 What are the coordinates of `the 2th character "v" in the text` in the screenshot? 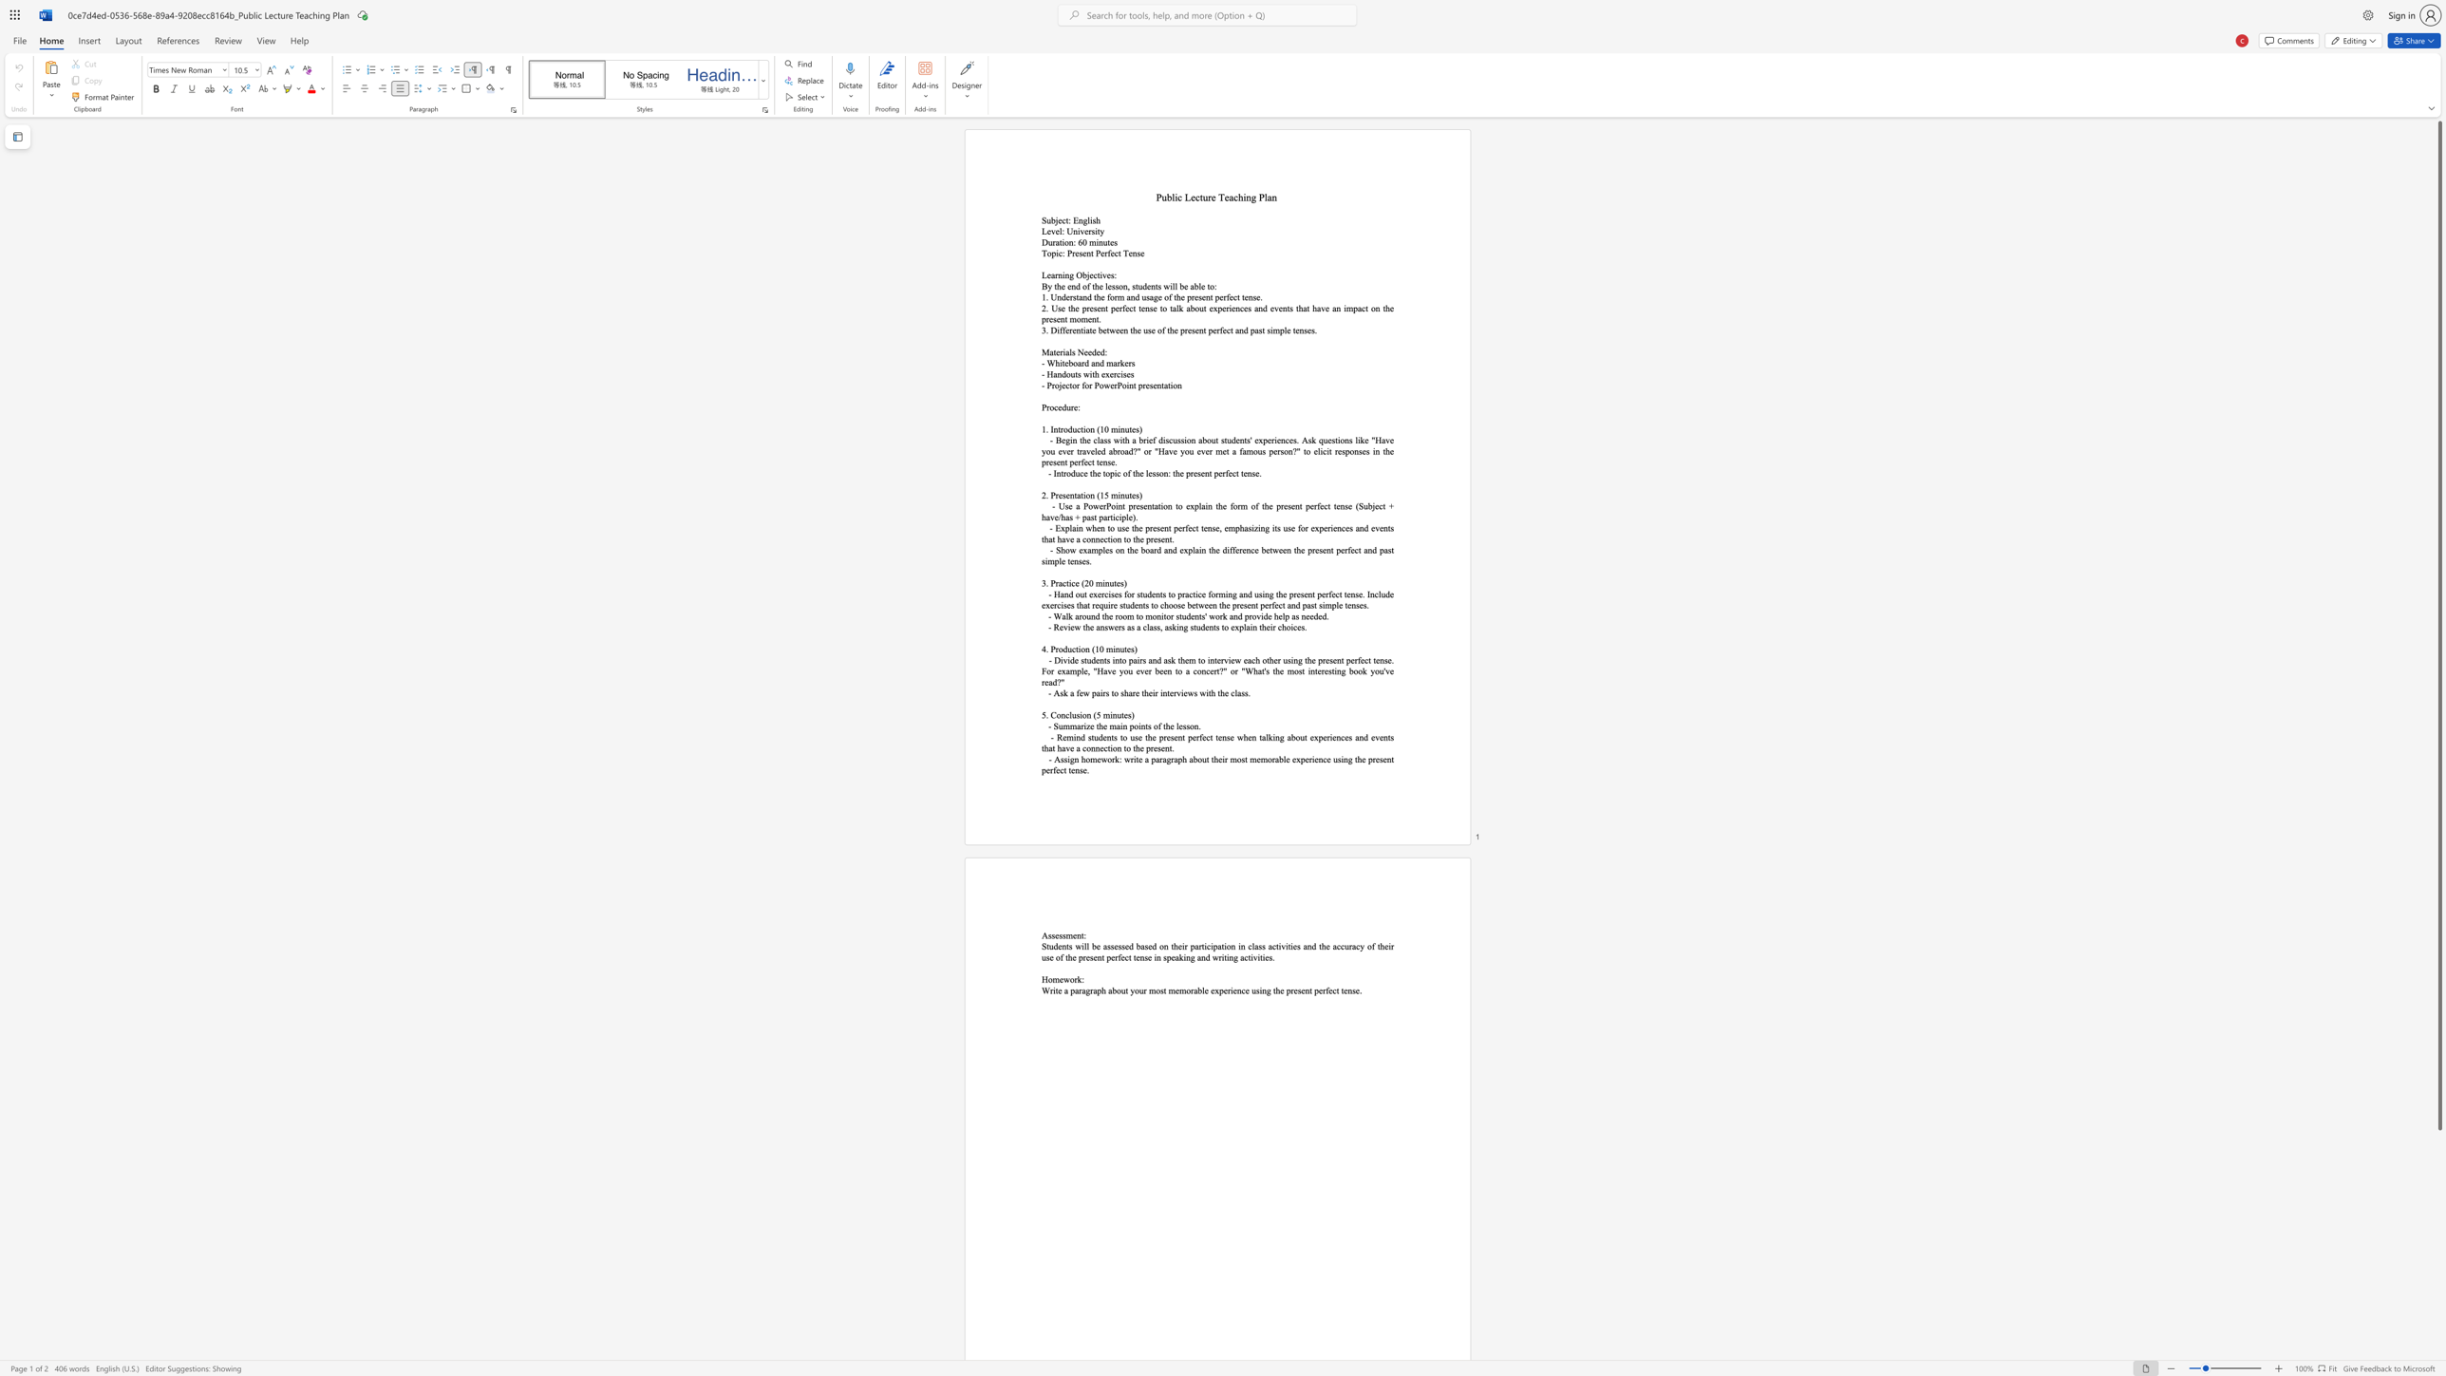 It's located at (1081, 230).